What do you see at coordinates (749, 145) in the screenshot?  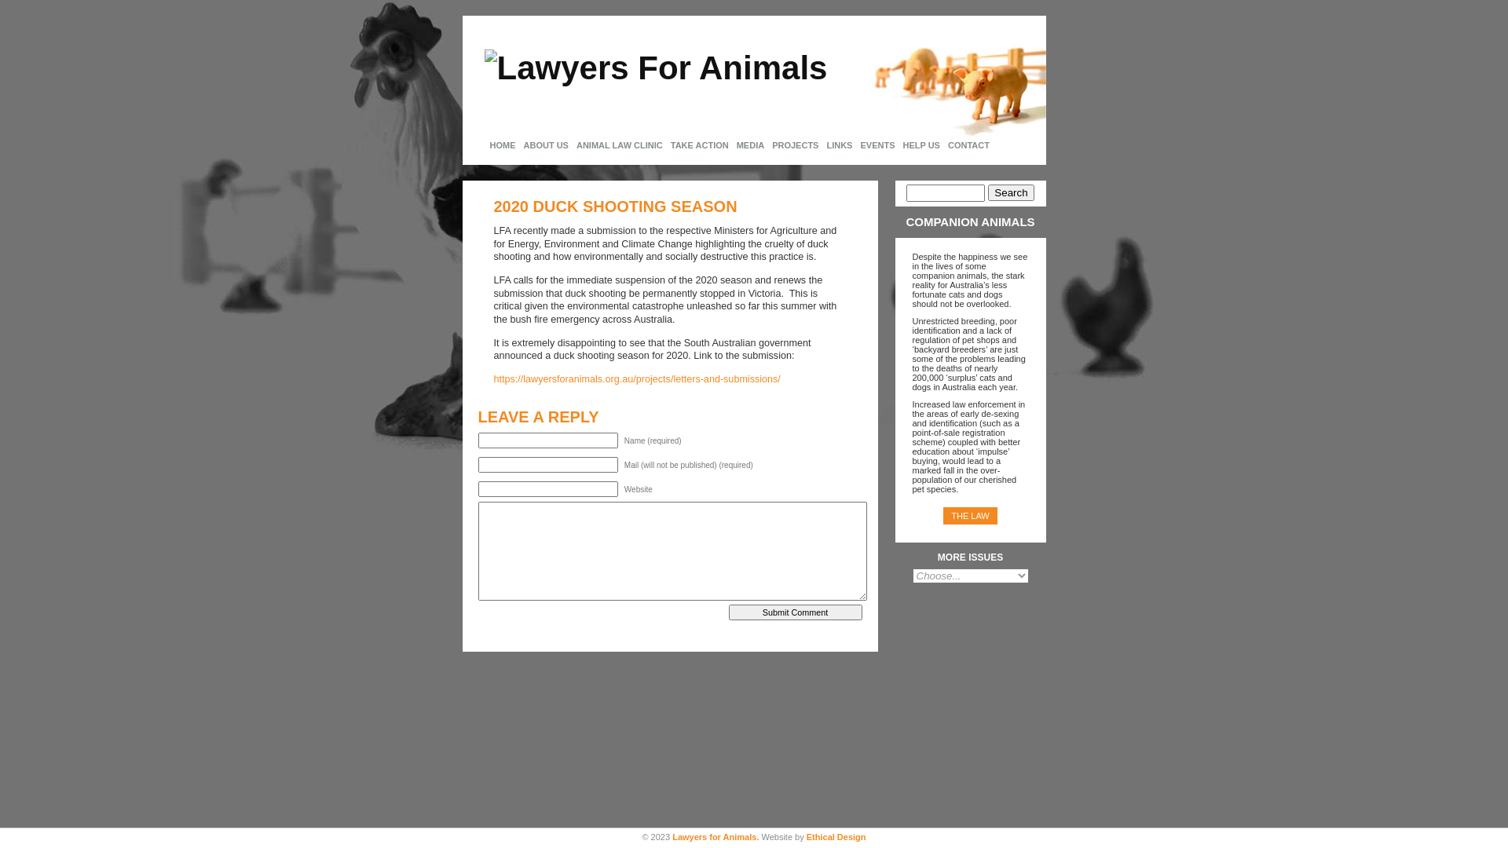 I see `'MEDIA'` at bounding box center [749, 145].